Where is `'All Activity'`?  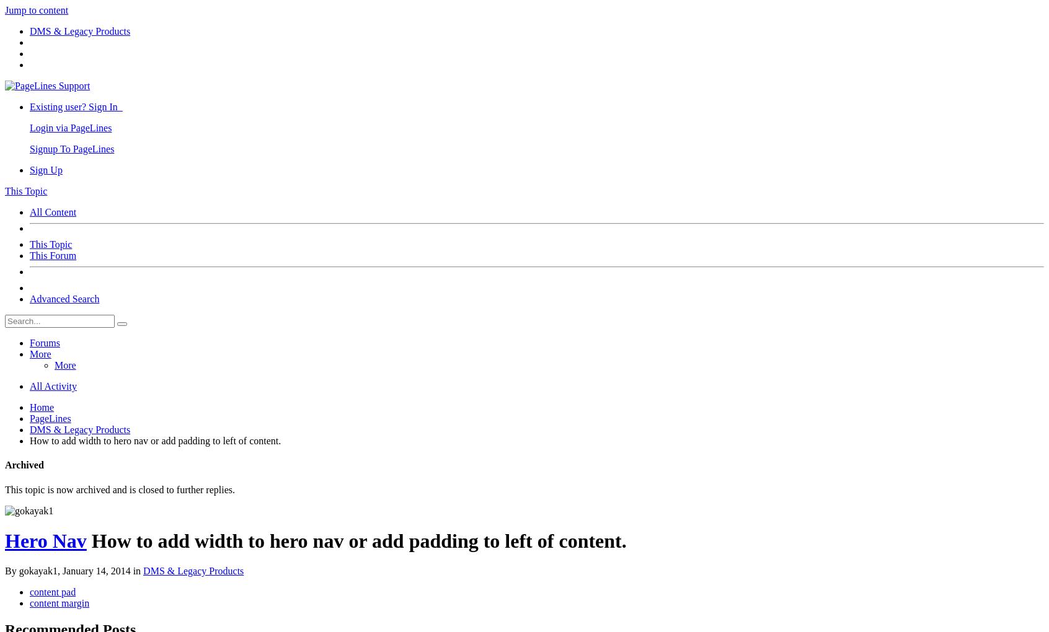
'All Activity' is located at coordinates (53, 385).